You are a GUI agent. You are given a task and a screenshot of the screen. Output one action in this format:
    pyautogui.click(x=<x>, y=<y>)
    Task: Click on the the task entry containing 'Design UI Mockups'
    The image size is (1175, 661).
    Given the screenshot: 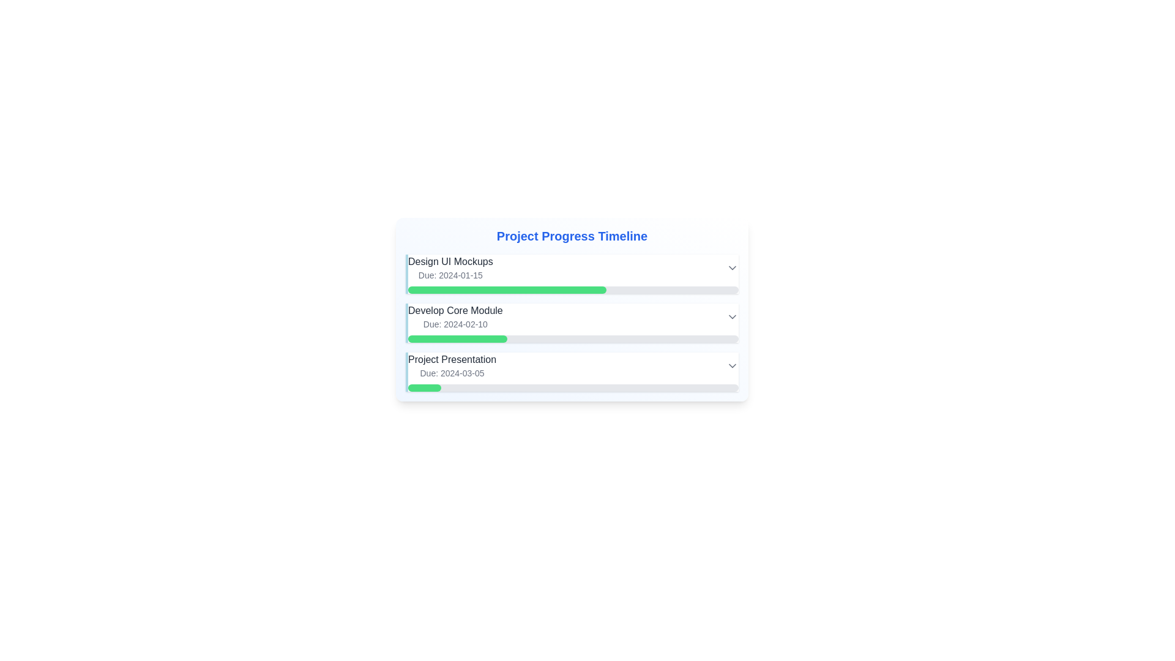 What is the action you would take?
    pyautogui.click(x=572, y=267)
    